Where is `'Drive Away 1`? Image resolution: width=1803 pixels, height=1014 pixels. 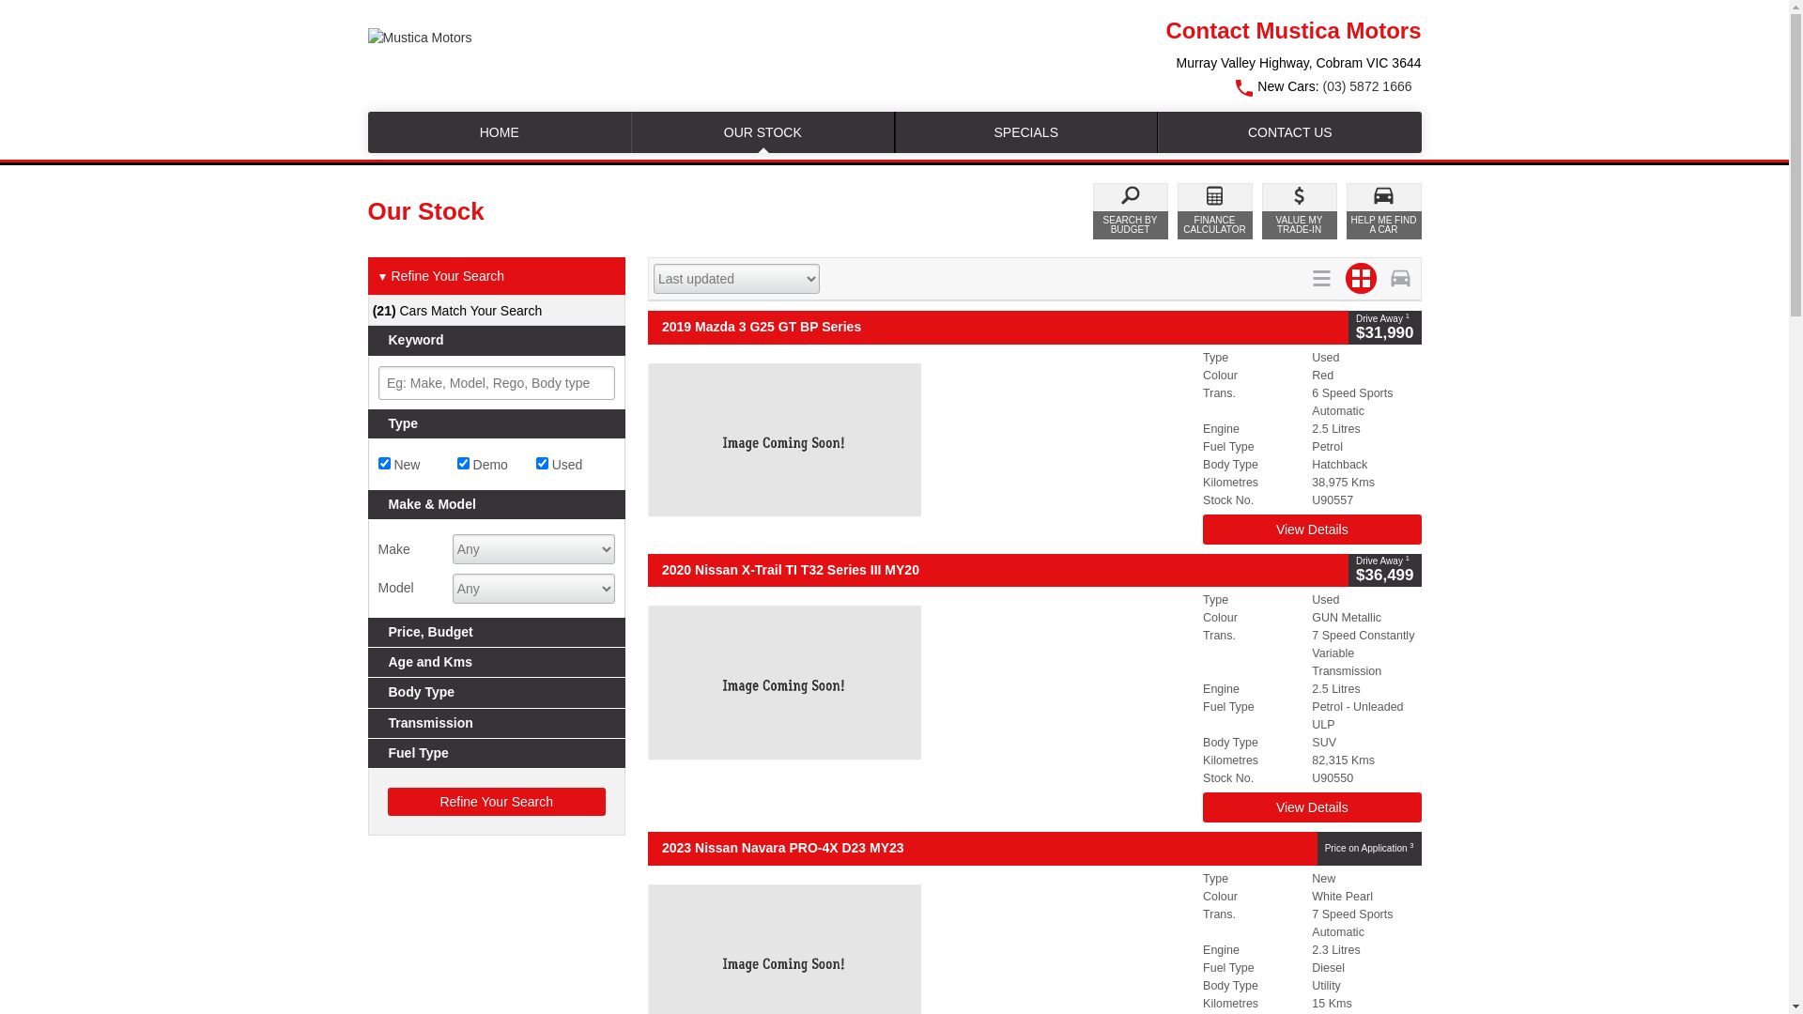 'Drive Away 1 is located at coordinates (1384, 326).